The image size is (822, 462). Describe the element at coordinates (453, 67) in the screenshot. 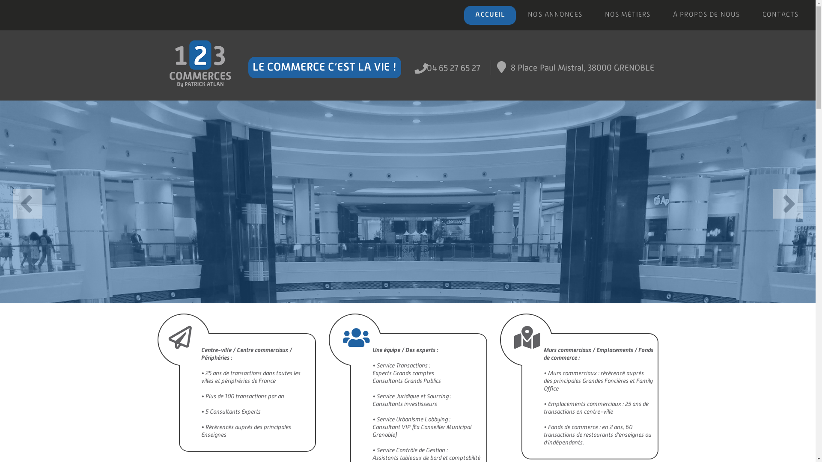

I see `'04 65 27 65 27'` at that location.